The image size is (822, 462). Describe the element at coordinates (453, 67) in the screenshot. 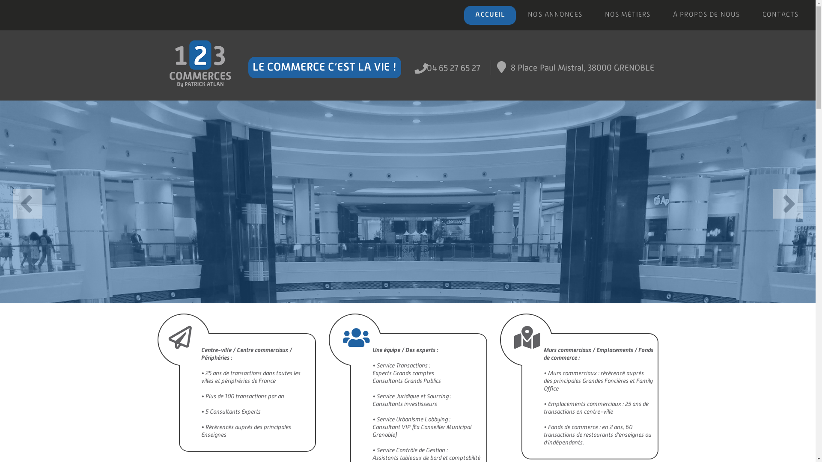

I see `'04 65 27 65 27'` at that location.